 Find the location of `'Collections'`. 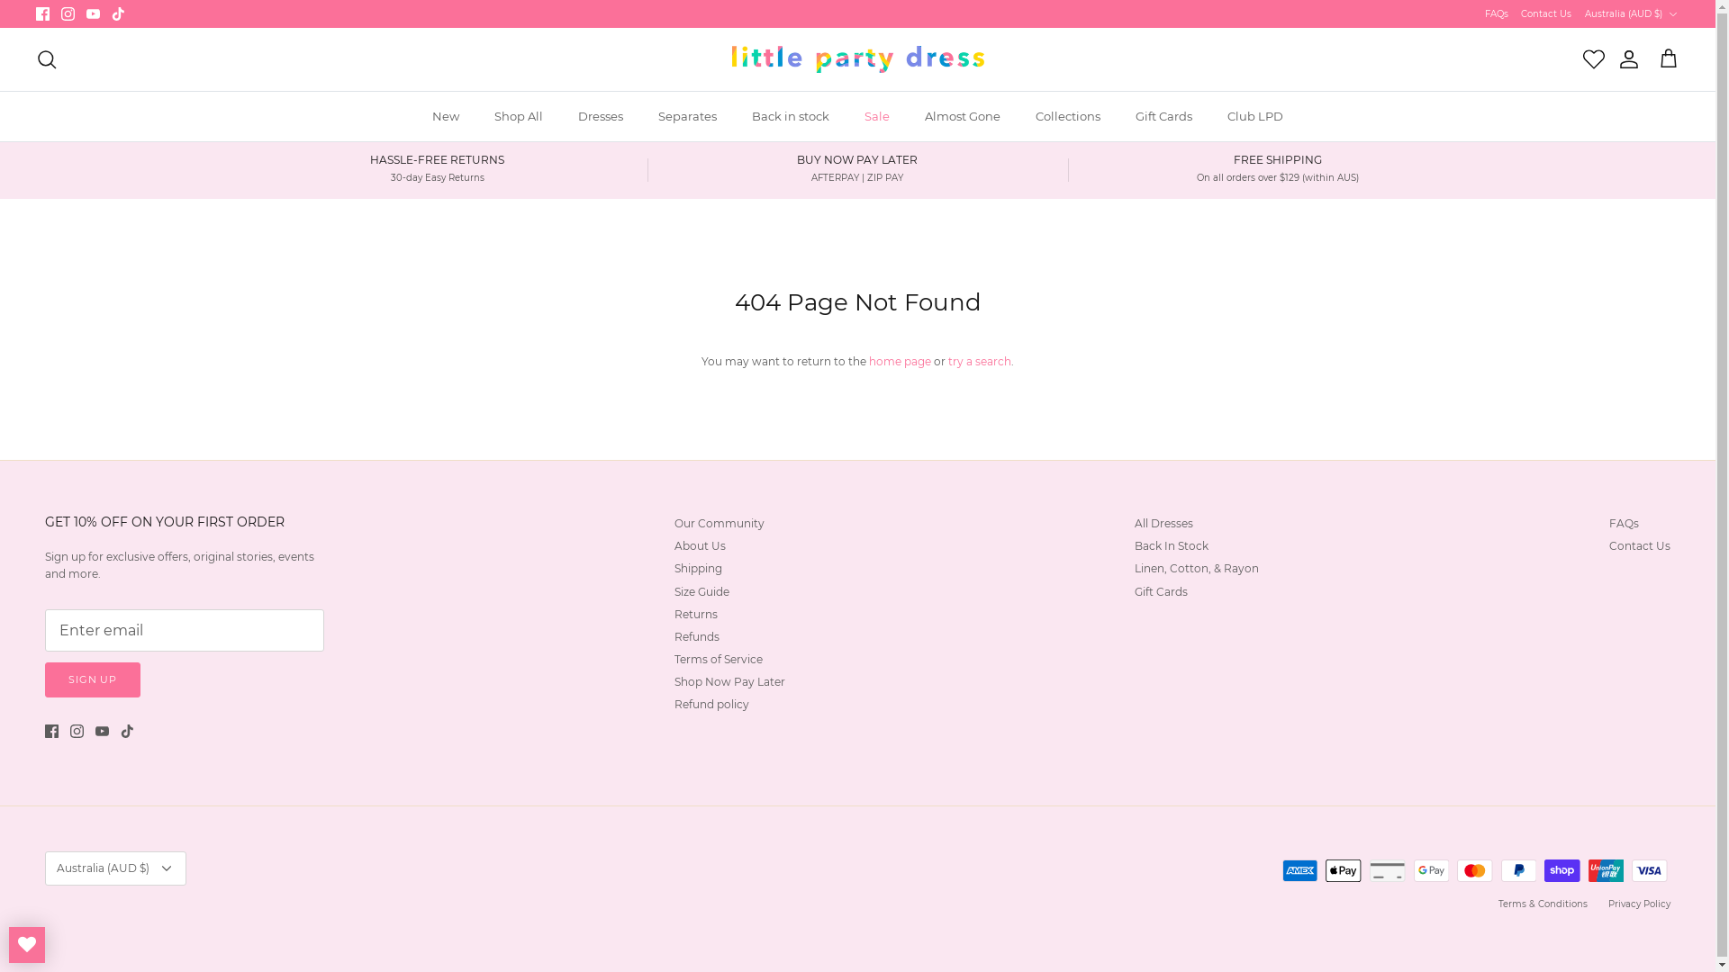

'Collections' is located at coordinates (1067, 117).